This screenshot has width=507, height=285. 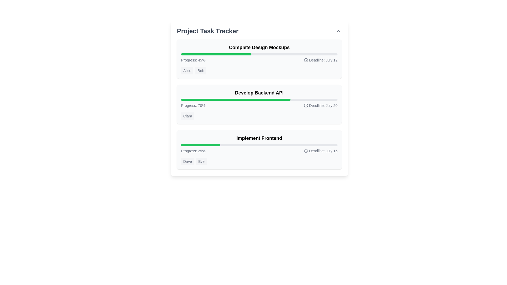 What do you see at coordinates (306, 106) in the screenshot?
I see `the circular clock icon located to the left of the text 'Deadline: July 20' in the second task card labeled 'Develop Backend API'` at bounding box center [306, 106].